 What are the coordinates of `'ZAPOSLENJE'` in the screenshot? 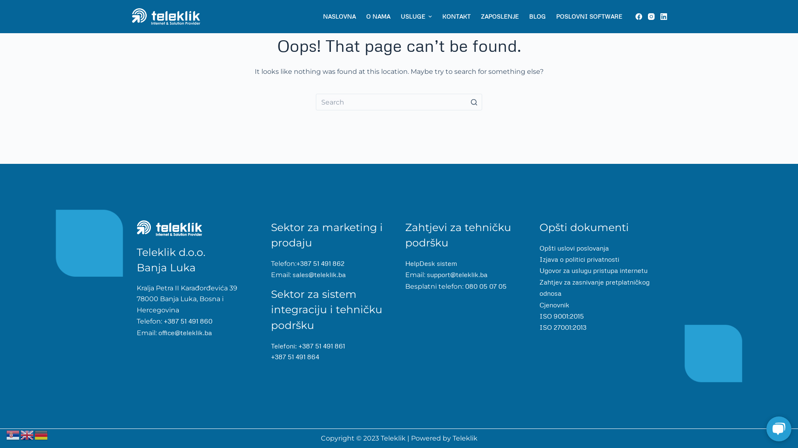 It's located at (475, 16).